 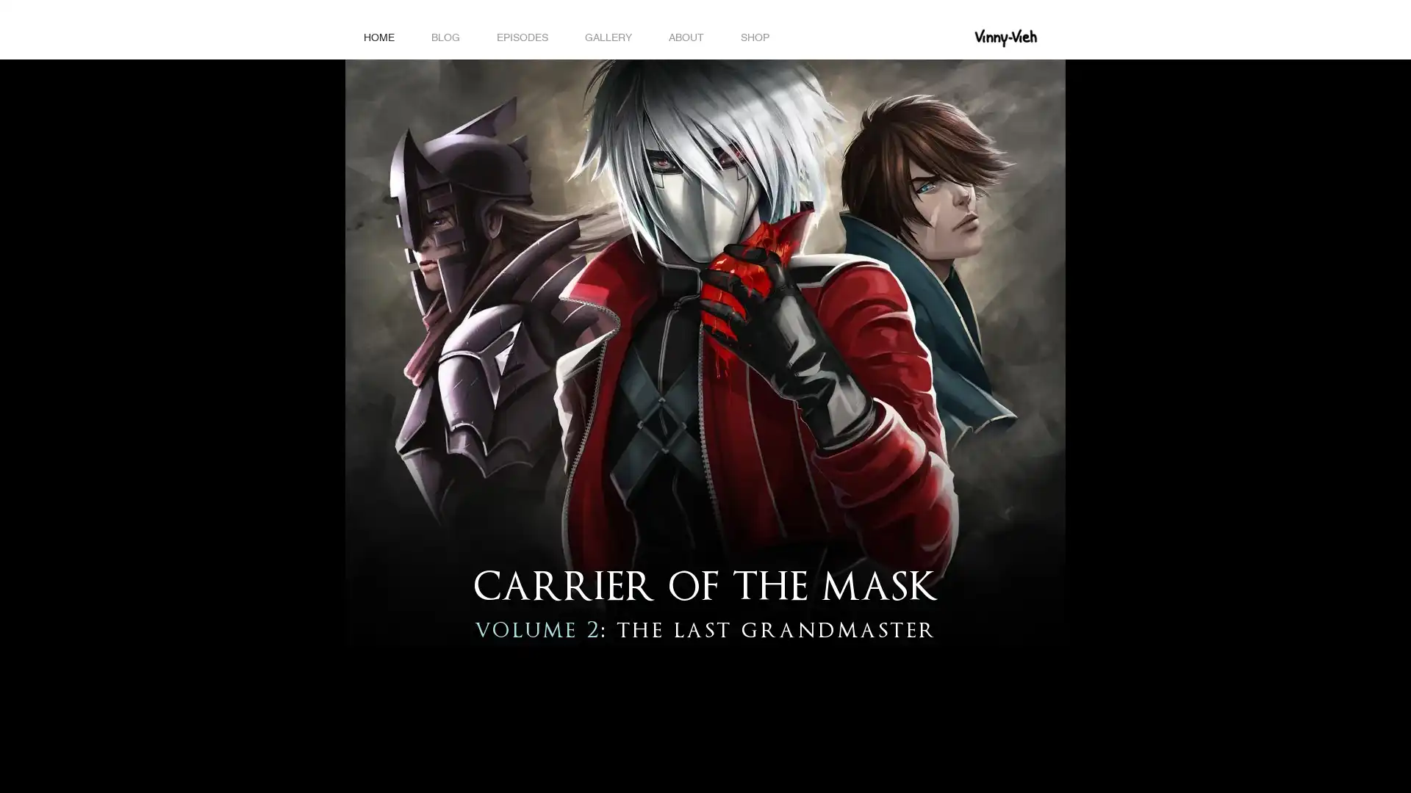 What do you see at coordinates (1393, 769) in the screenshot?
I see `Close` at bounding box center [1393, 769].